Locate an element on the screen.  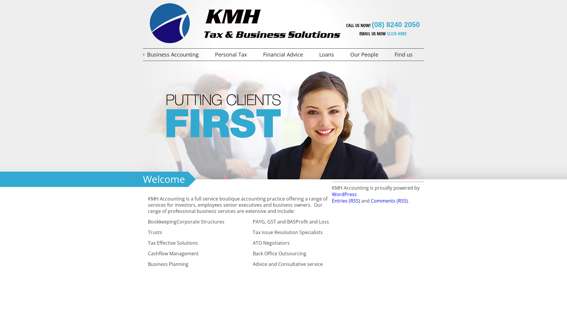
'Entries (RSS)' is located at coordinates (346, 201).